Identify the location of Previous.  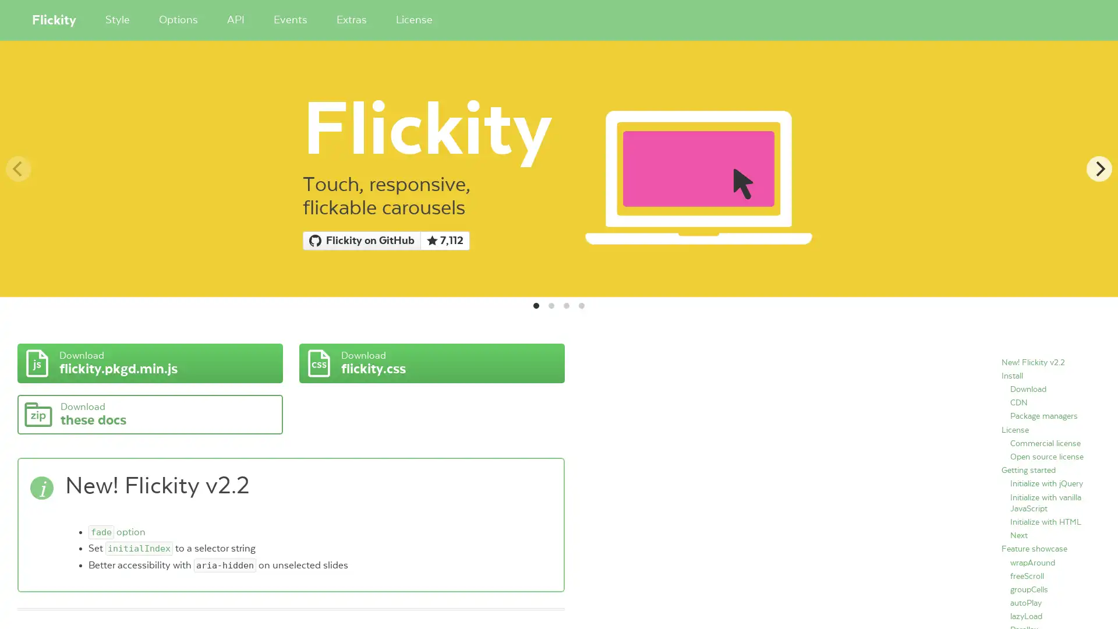
(19, 168).